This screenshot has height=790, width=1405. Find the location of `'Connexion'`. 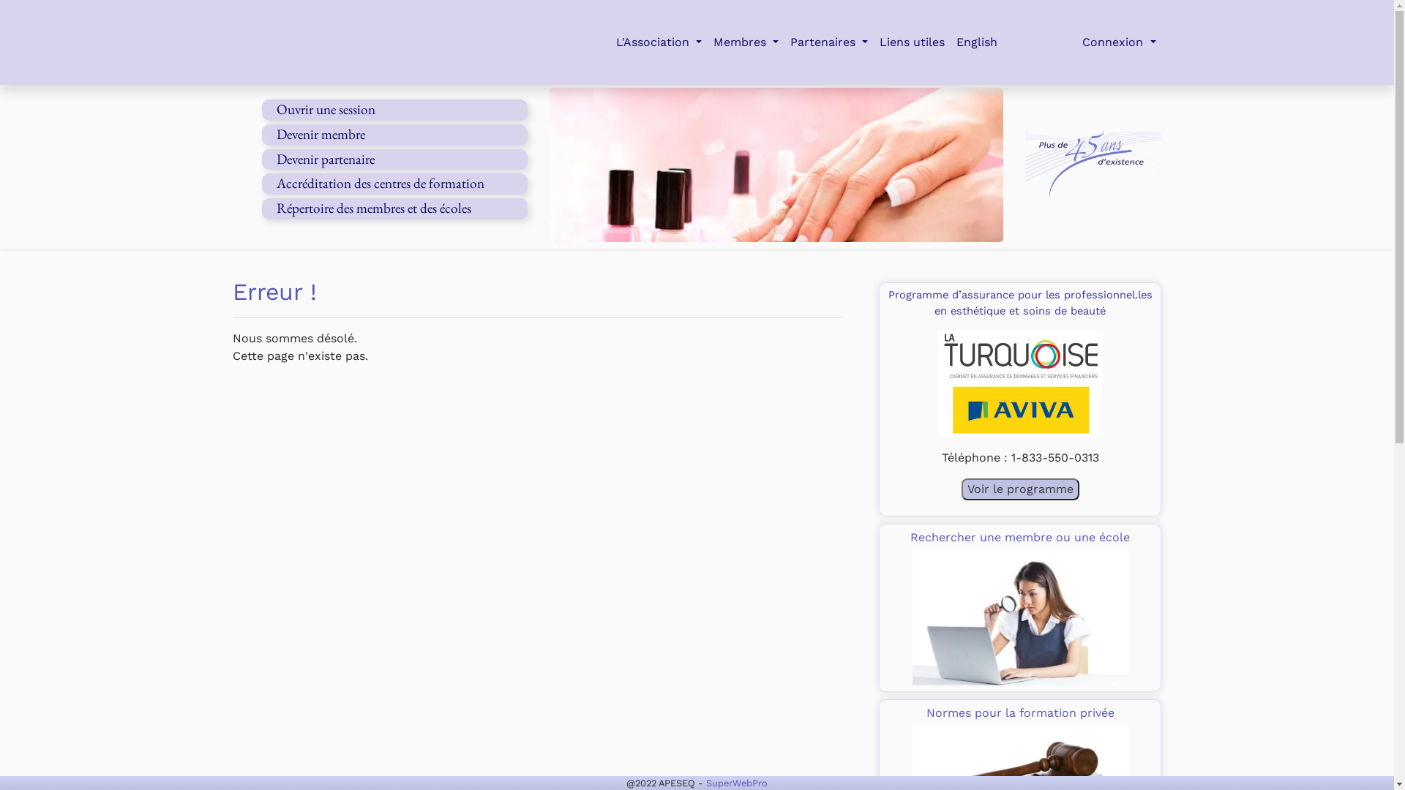

'Connexion' is located at coordinates (1118, 41).